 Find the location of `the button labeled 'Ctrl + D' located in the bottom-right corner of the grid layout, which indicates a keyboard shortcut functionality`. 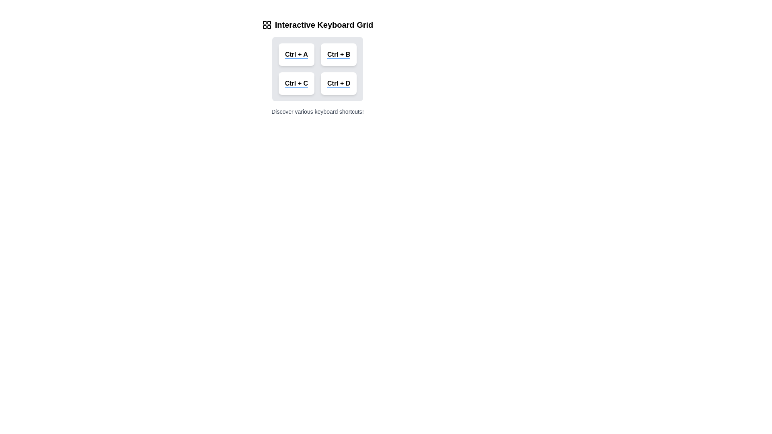

the button labeled 'Ctrl + D' located in the bottom-right corner of the grid layout, which indicates a keyboard shortcut functionality is located at coordinates (339, 84).